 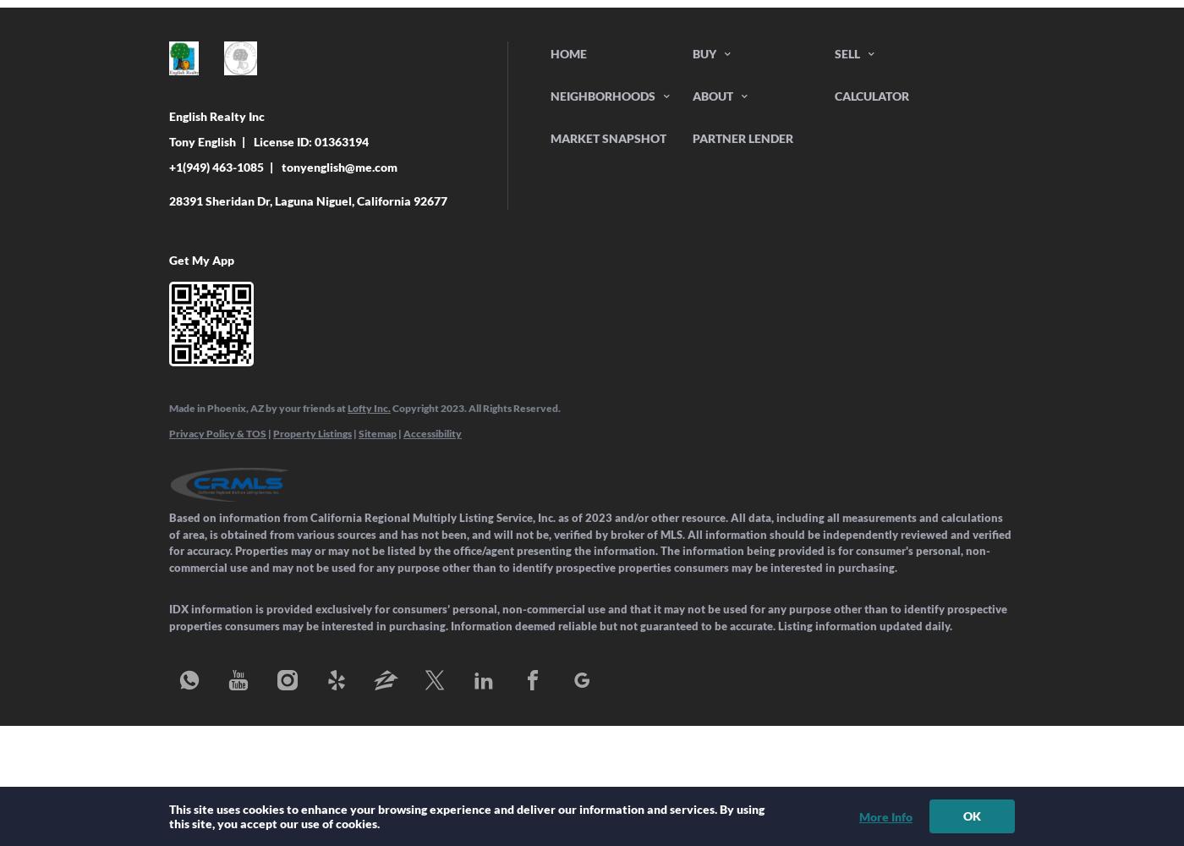 I want to click on 'Get My App', so click(x=169, y=260).